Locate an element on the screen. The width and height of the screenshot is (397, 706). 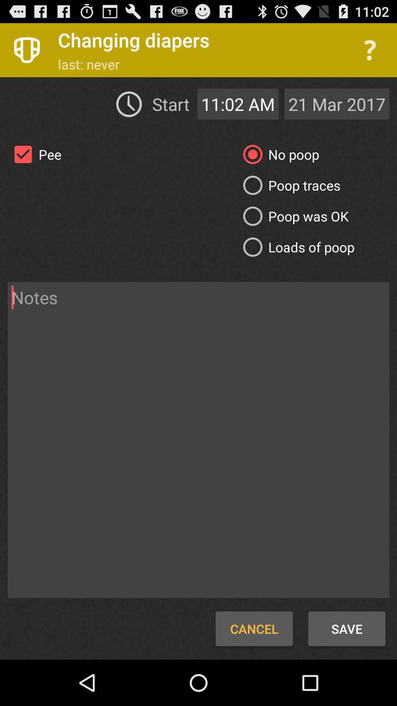
the item to the right of pee item is located at coordinates (289, 185).